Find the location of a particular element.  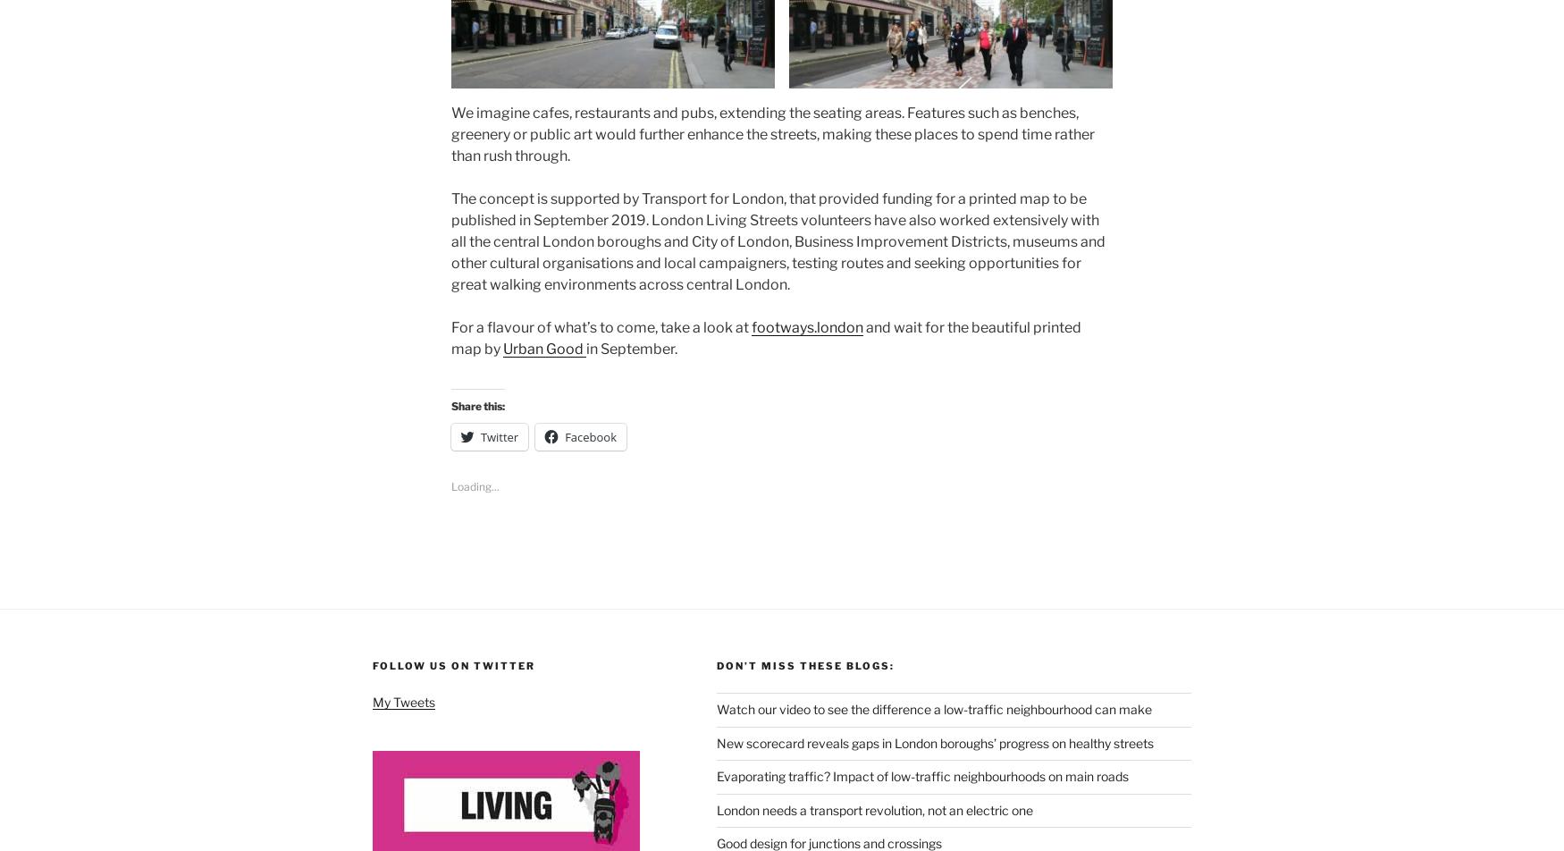

'For a flavour of what’s to come, take a look at' is located at coordinates (601, 326).